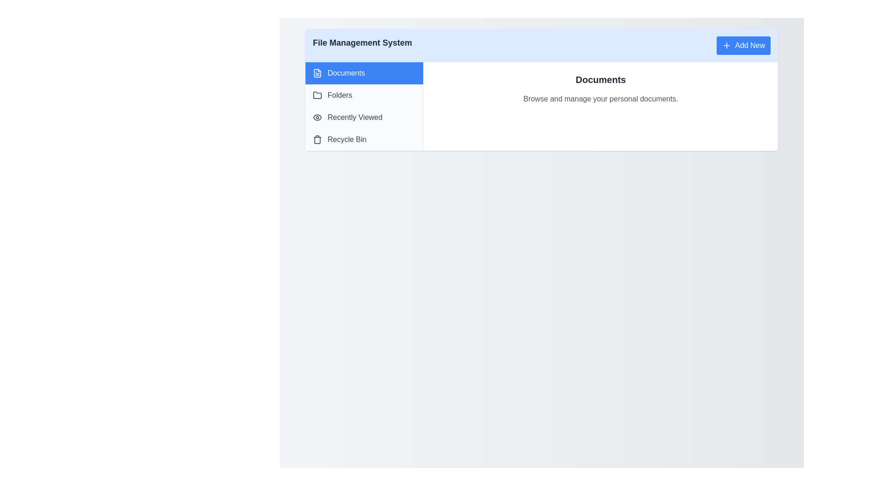 This screenshot has height=498, width=886. I want to click on the 'Documents' menu item in the vertical sidebar, which is represented by an icon located to the left of the text 'Documents', so click(317, 72).